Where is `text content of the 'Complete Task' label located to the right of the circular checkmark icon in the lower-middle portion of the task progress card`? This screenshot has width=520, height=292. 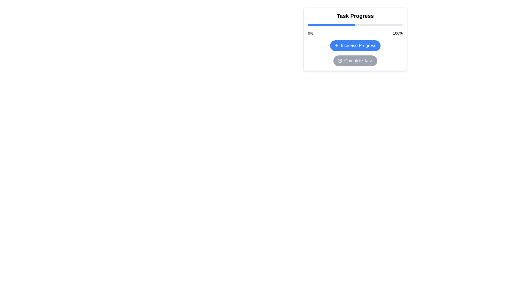
text content of the 'Complete Task' label located to the right of the circular checkmark icon in the lower-middle portion of the task progress card is located at coordinates (359, 61).